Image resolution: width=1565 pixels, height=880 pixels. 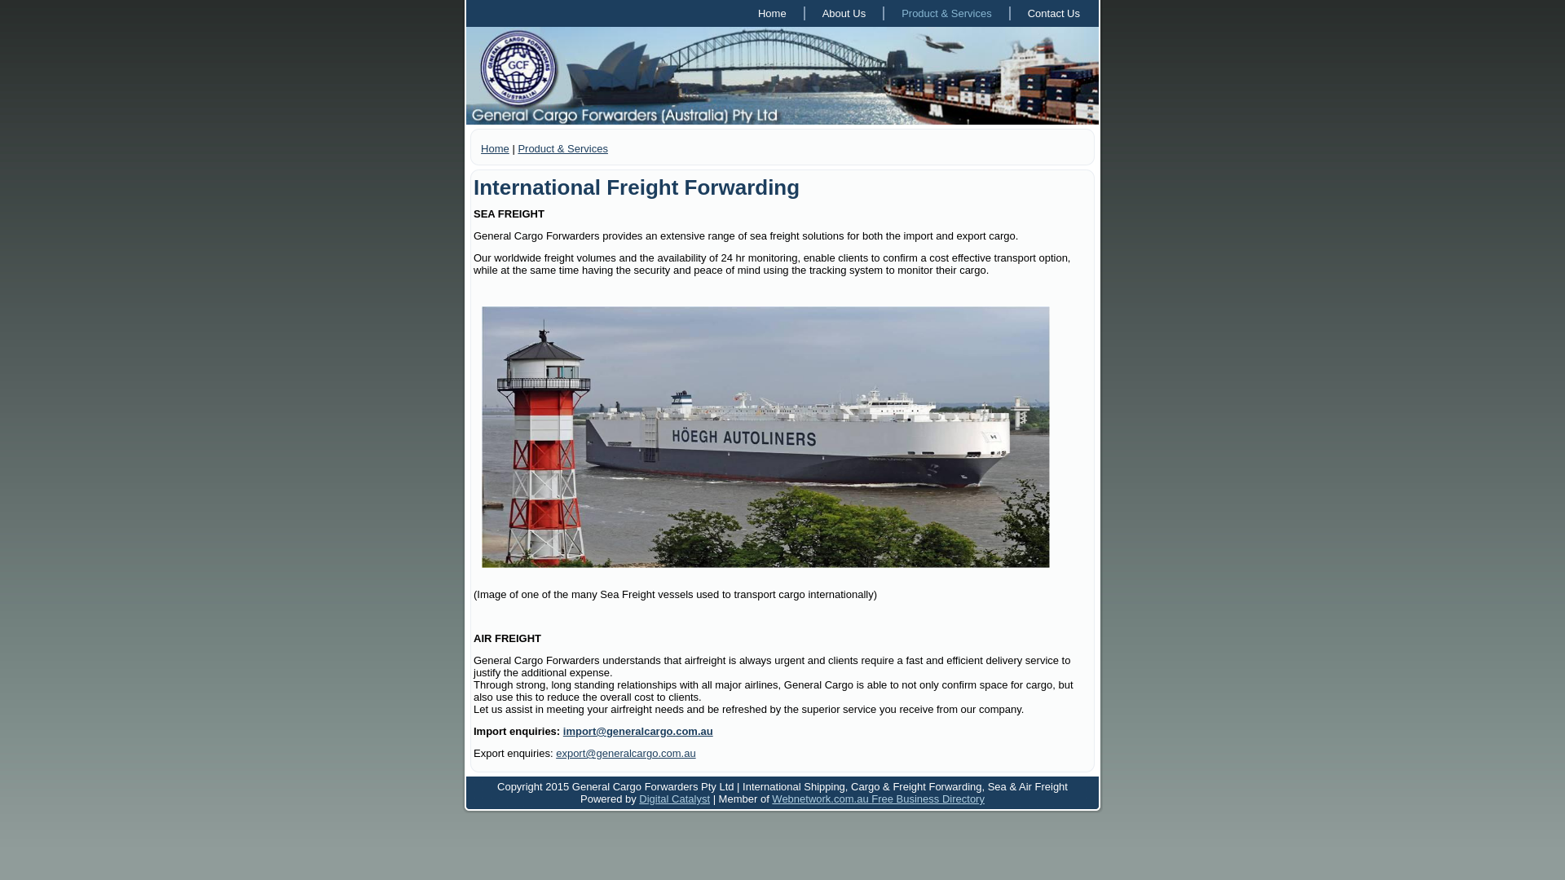 What do you see at coordinates (844, 13) in the screenshot?
I see `'About Us'` at bounding box center [844, 13].